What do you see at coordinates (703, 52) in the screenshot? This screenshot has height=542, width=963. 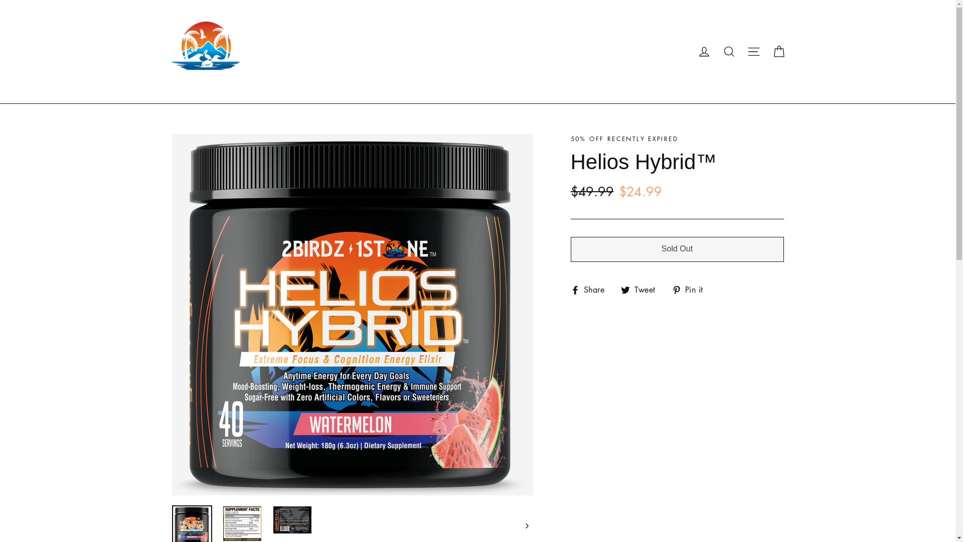 I see `'Log in'` at bounding box center [703, 52].